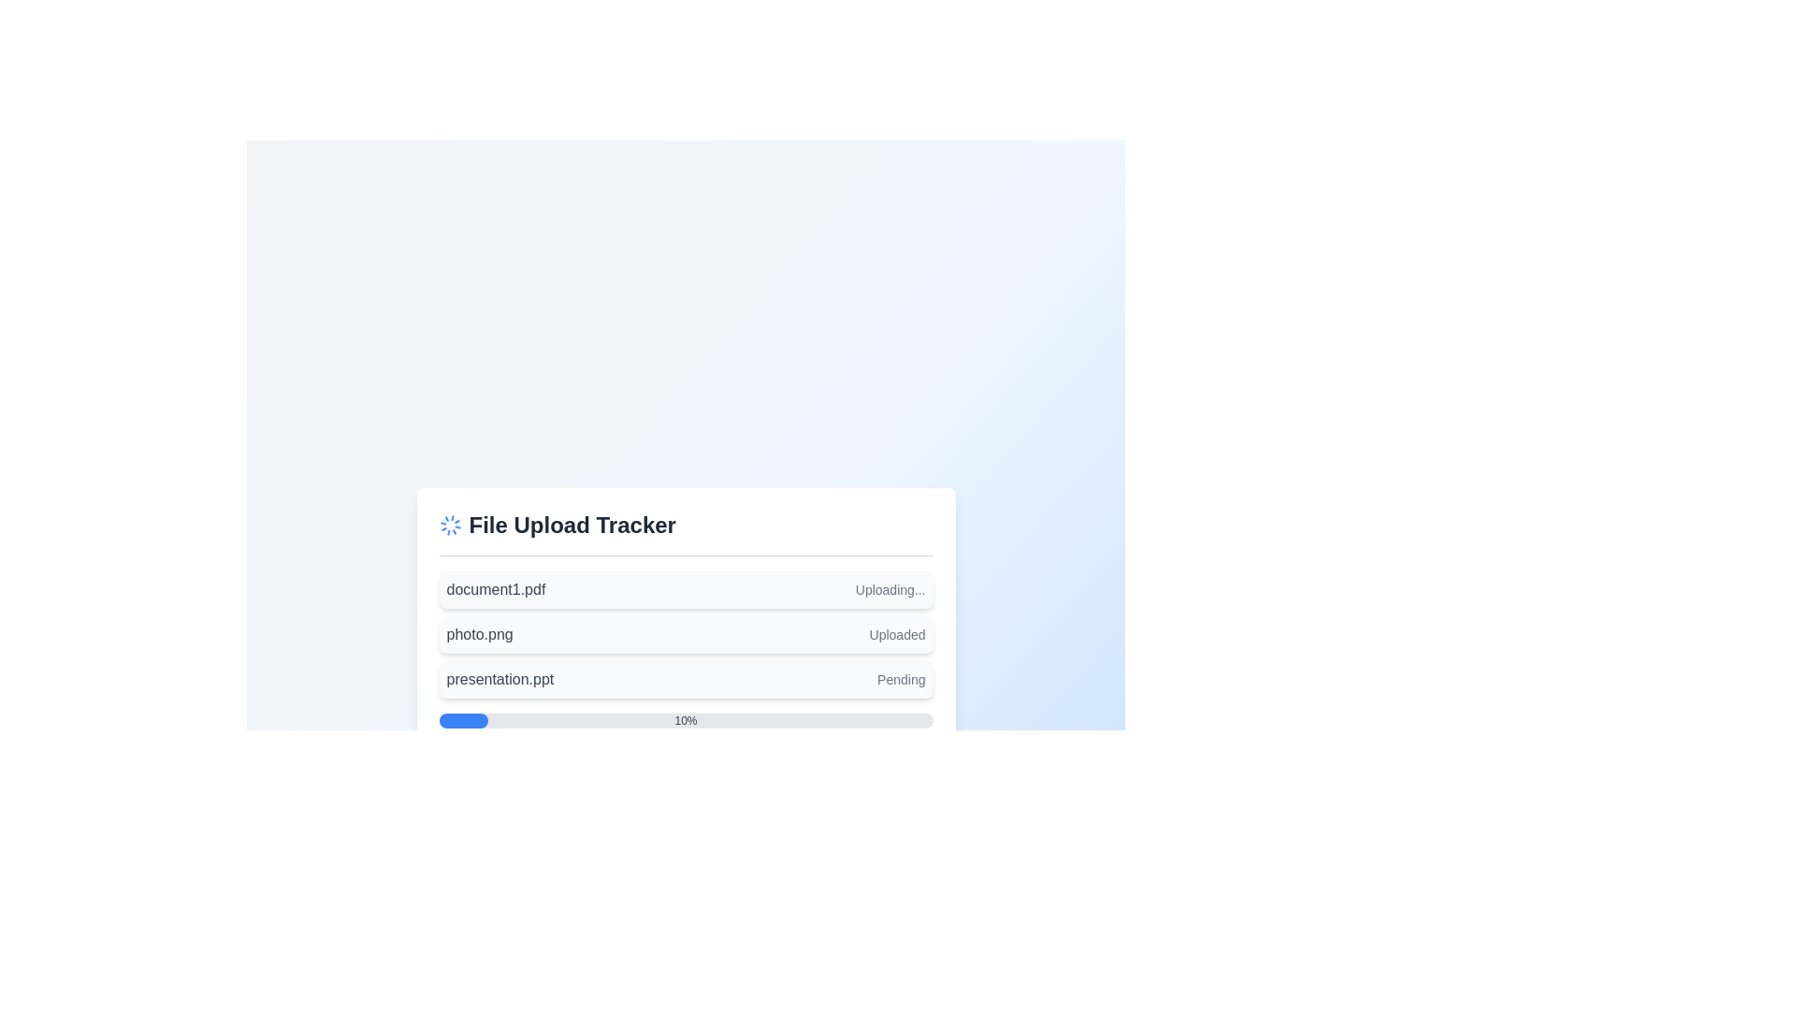 This screenshot has height=1010, width=1796. What do you see at coordinates (685, 719) in the screenshot?
I see `text displayed on the progress percentage label located above the blue progress indicator of the 'File Upload Tracker' progress bar` at bounding box center [685, 719].